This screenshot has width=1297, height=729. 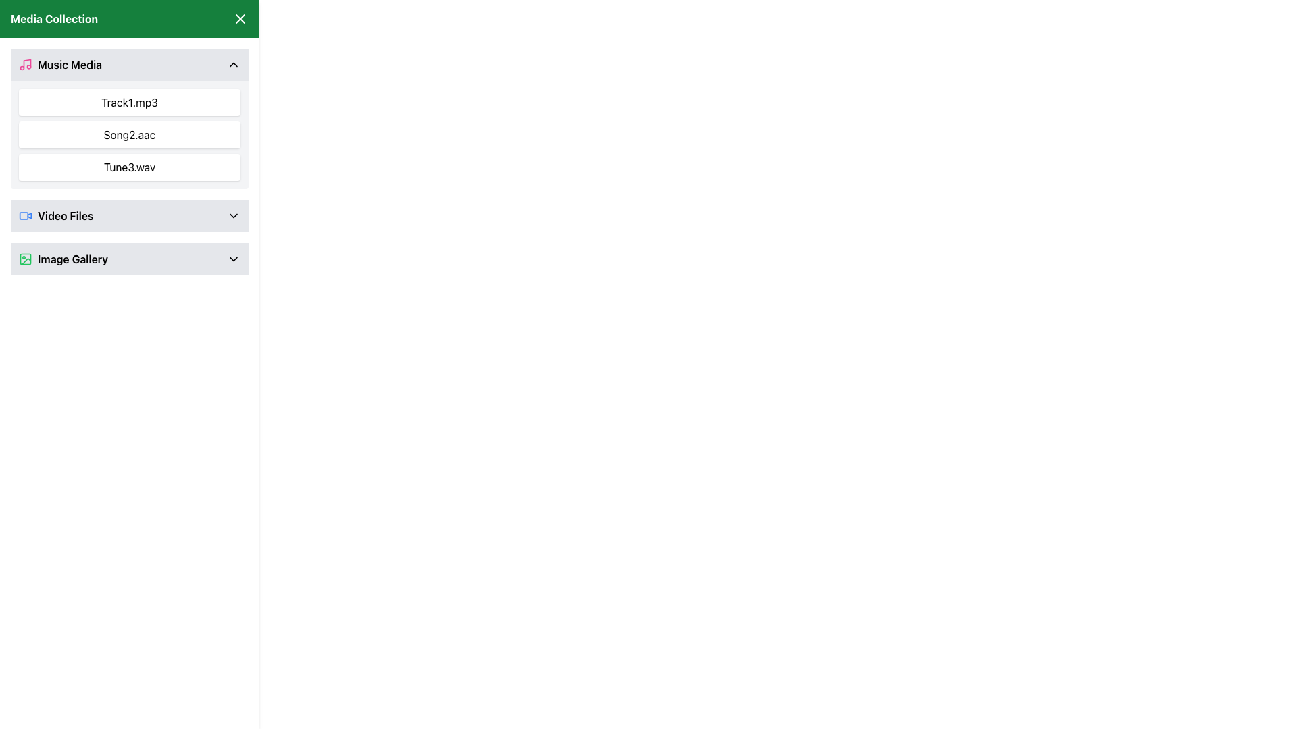 I want to click on the decorative graphic element (SVG rectangle shape) that visually represents the 'Image Gallery' section, located at the left icon group of the section title, so click(x=26, y=259).